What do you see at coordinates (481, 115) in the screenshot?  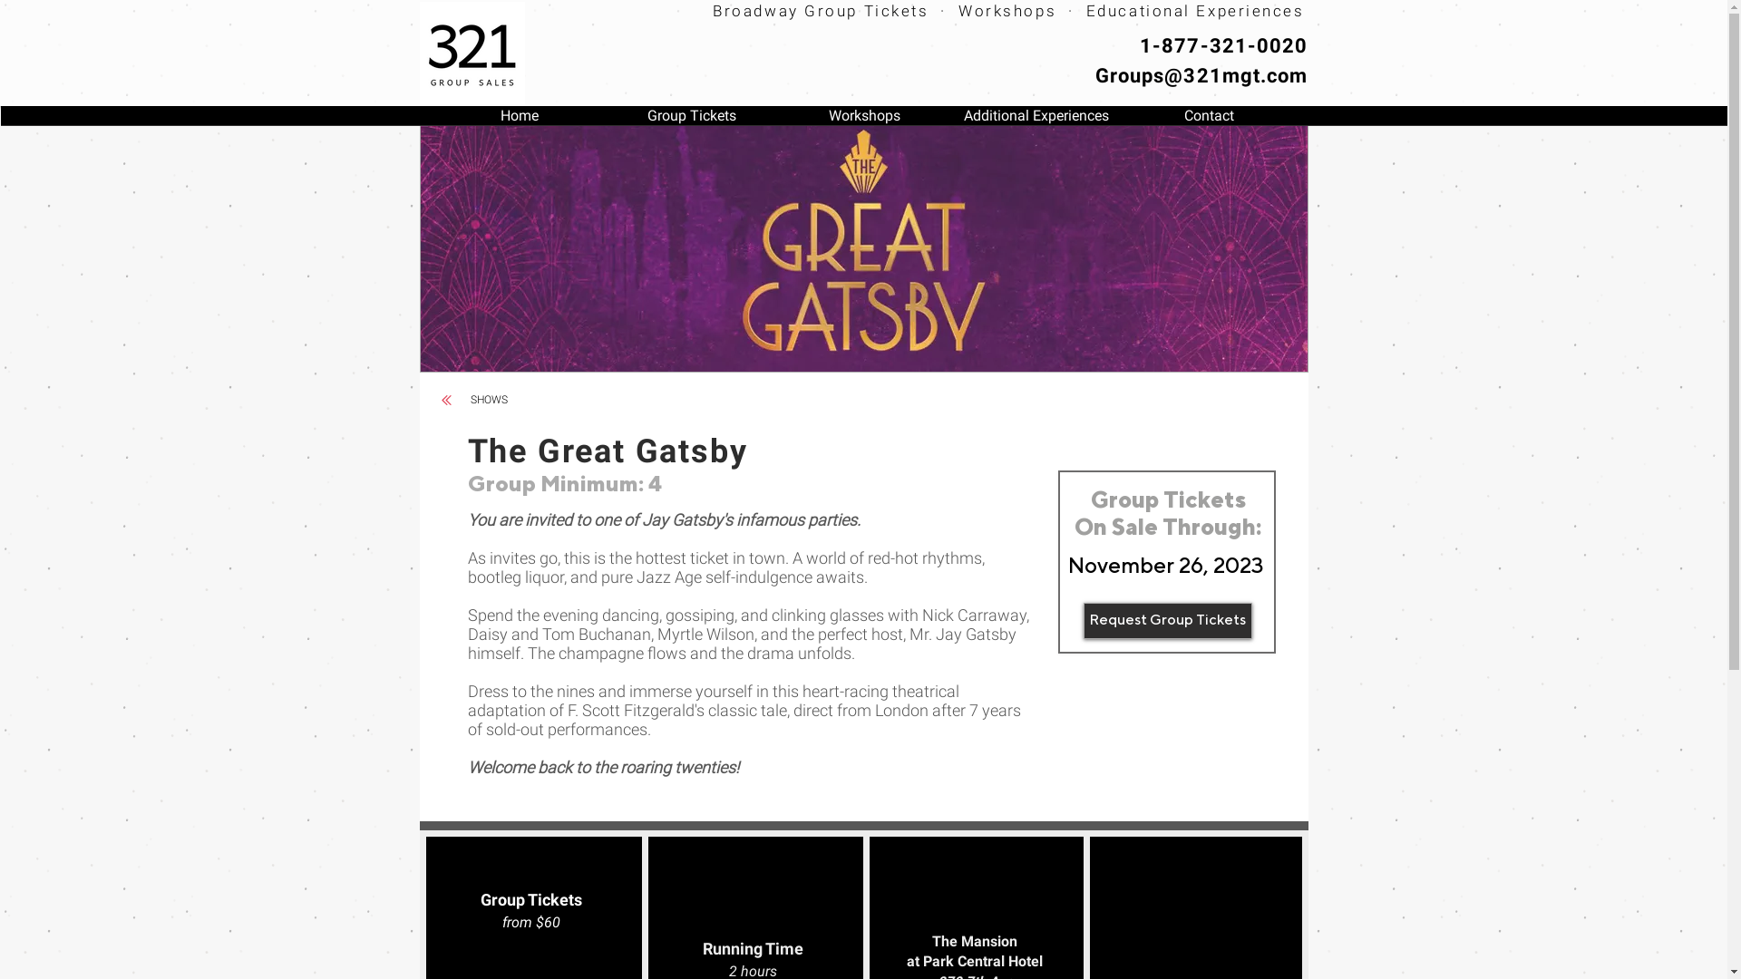 I see `'SHOWS'` at bounding box center [481, 115].